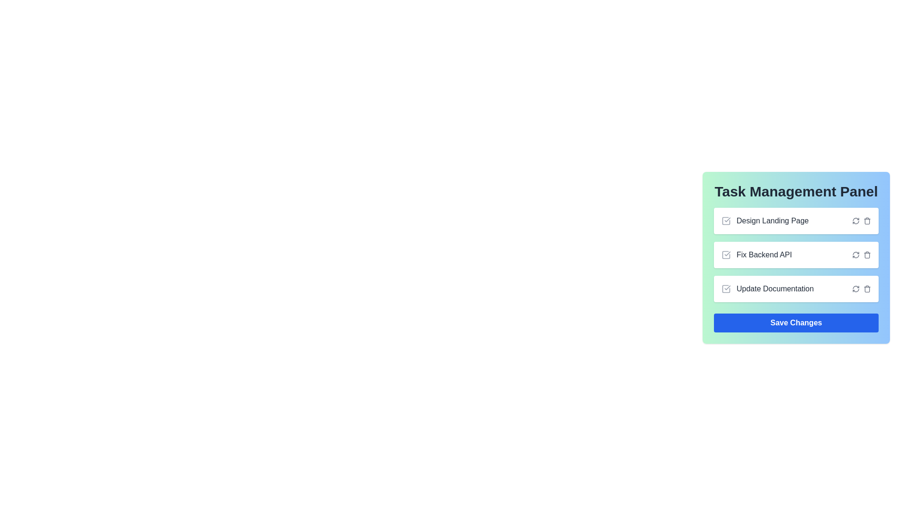 The height and width of the screenshot is (510, 906). I want to click on the trash can icon button in the Task Management Panel, so click(867, 221).